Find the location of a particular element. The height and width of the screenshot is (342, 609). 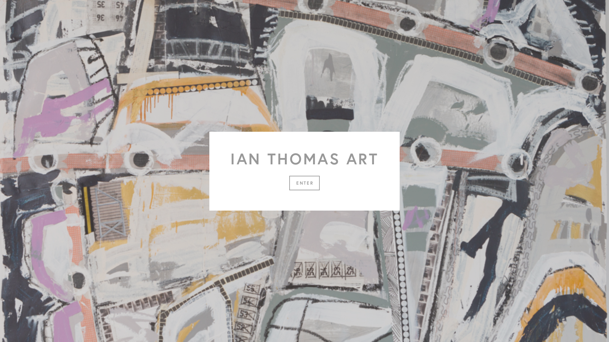

'ENTER' is located at coordinates (304, 183).